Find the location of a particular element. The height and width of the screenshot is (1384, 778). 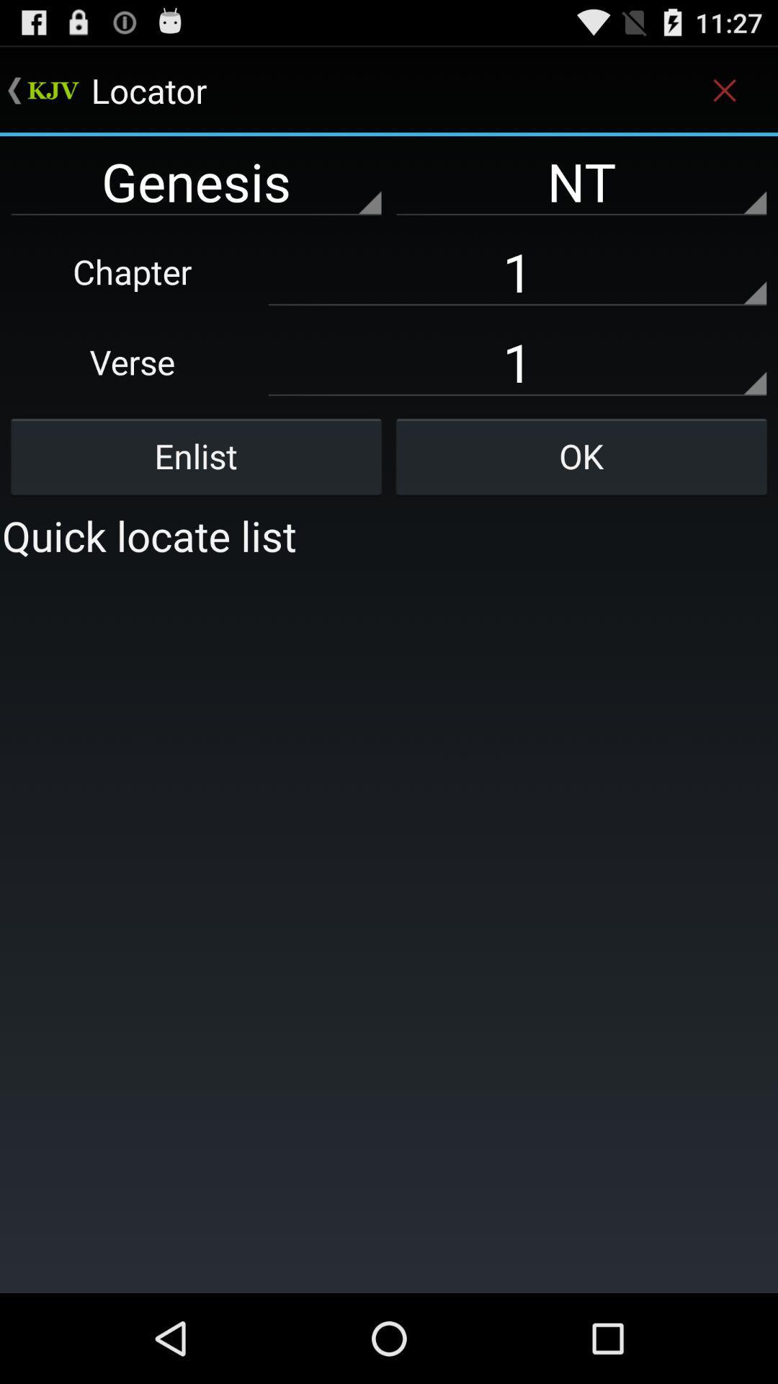

icon above quick locate list app is located at coordinates (196, 456).